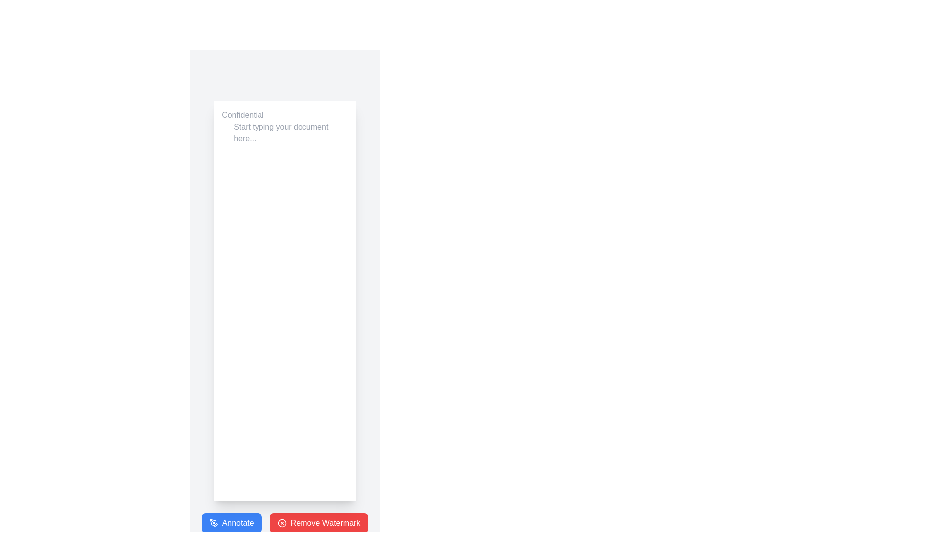 The height and width of the screenshot is (534, 949). What do you see at coordinates (231, 522) in the screenshot?
I see `the 'Annotate' button located in the bottom-left corner of the button stack` at bounding box center [231, 522].